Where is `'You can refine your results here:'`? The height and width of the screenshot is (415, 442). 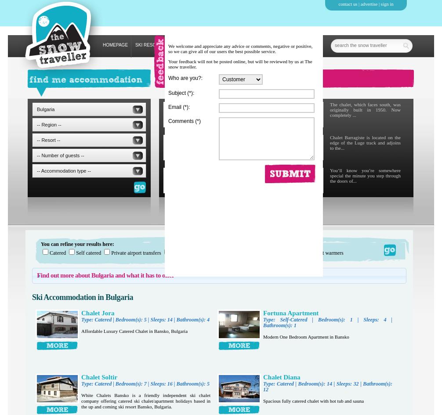
'You can refine your results here:' is located at coordinates (40, 244).